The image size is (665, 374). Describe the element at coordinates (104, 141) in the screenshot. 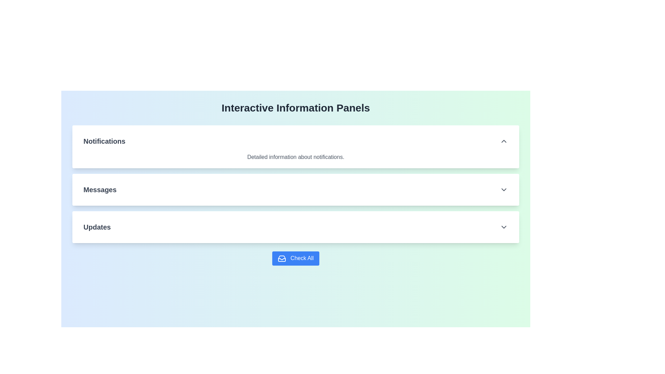

I see `the 'Notifications' text label, which is styled in extra-large bold dark gray font and located under the header 'Interactive Information Panels'` at that location.